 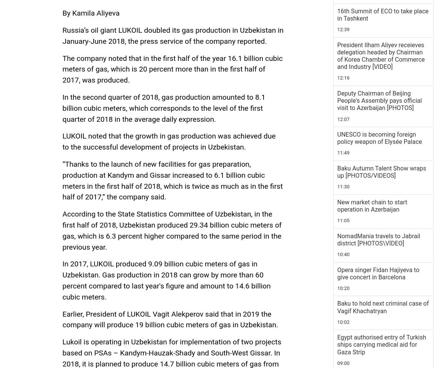 What do you see at coordinates (337, 86) in the screenshot?
I see `'5 November 19:28'` at bounding box center [337, 86].